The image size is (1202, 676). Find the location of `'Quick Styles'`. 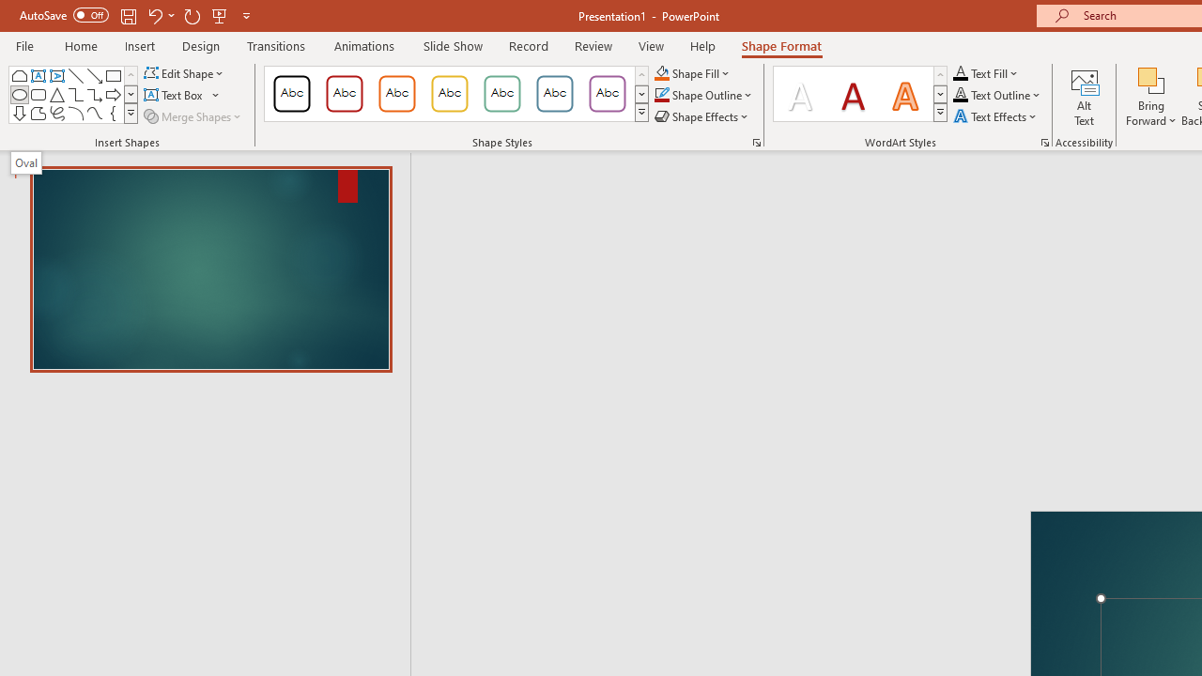

'Quick Styles' is located at coordinates (940, 113).